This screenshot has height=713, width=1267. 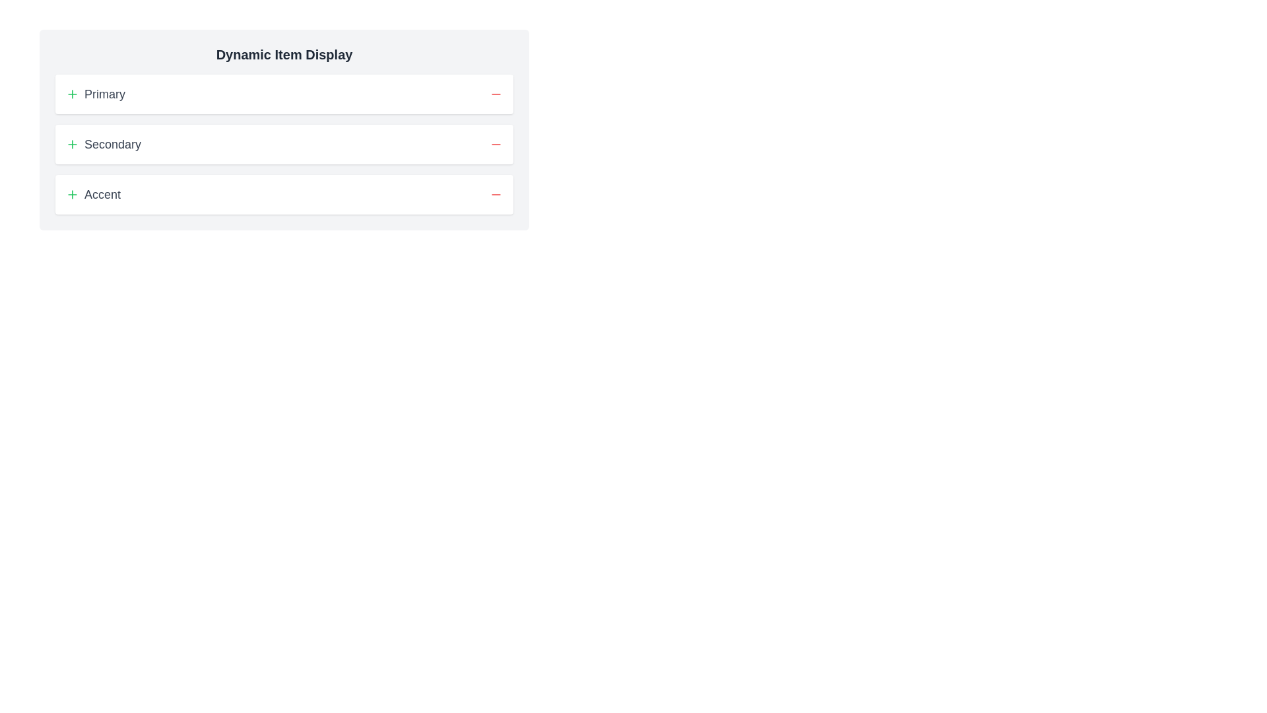 I want to click on the green stroke plus icon styled with Lucide, located to the left of the 'Primary' text in the top row of the list-like interface, so click(x=72, y=93).